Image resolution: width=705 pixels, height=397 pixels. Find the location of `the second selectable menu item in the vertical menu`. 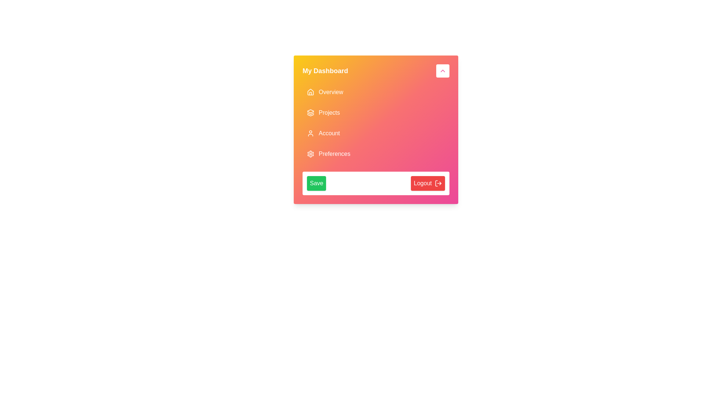

the second selectable menu item in the vertical menu is located at coordinates (376, 113).